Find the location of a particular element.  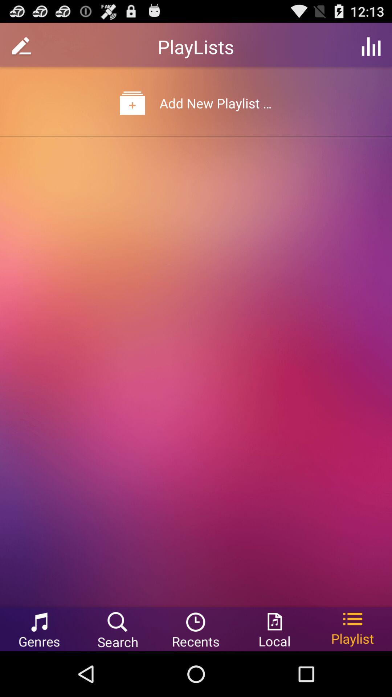

item next to playlists is located at coordinates (371, 46).